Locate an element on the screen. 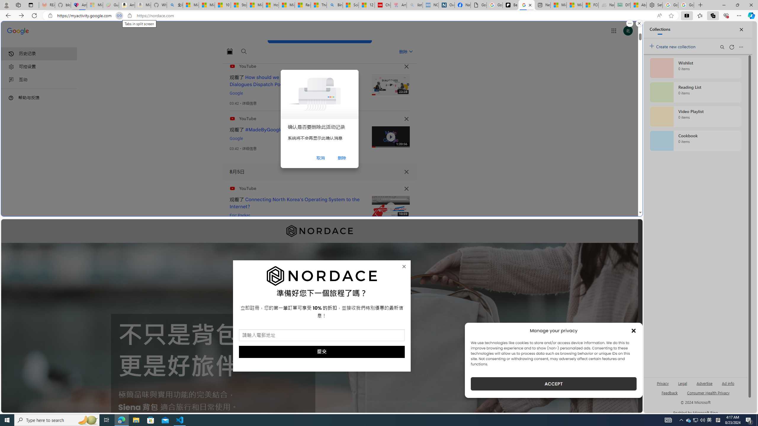  'AutomationID: input_5_1' is located at coordinates (321, 335).